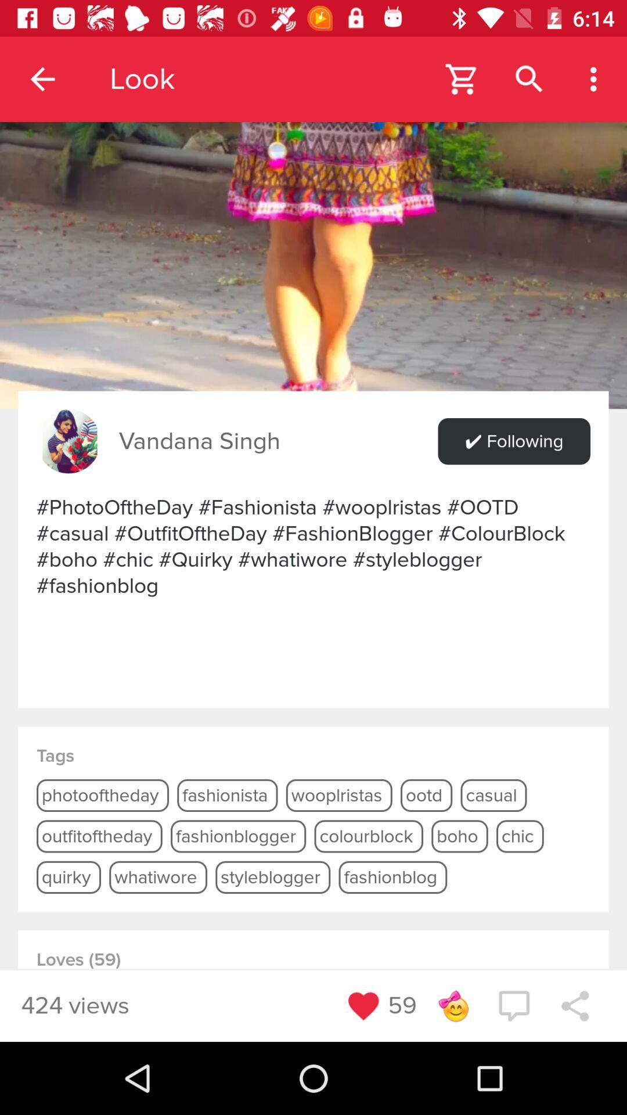 Image resolution: width=627 pixels, height=1115 pixels. What do you see at coordinates (313, 204) in the screenshot?
I see `photo` at bounding box center [313, 204].